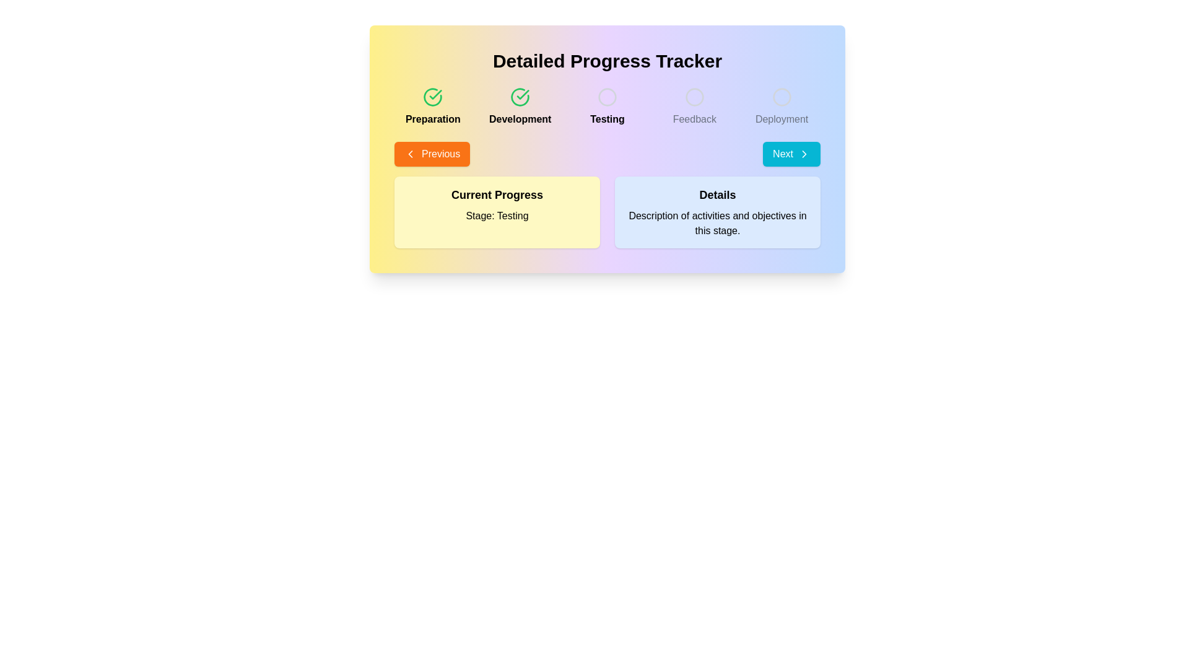 The image size is (1189, 669). What do you see at coordinates (717, 212) in the screenshot?
I see `content from the informational panel located in the middle-right portion of the layout, which provides details and objectives of a specific stage` at bounding box center [717, 212].